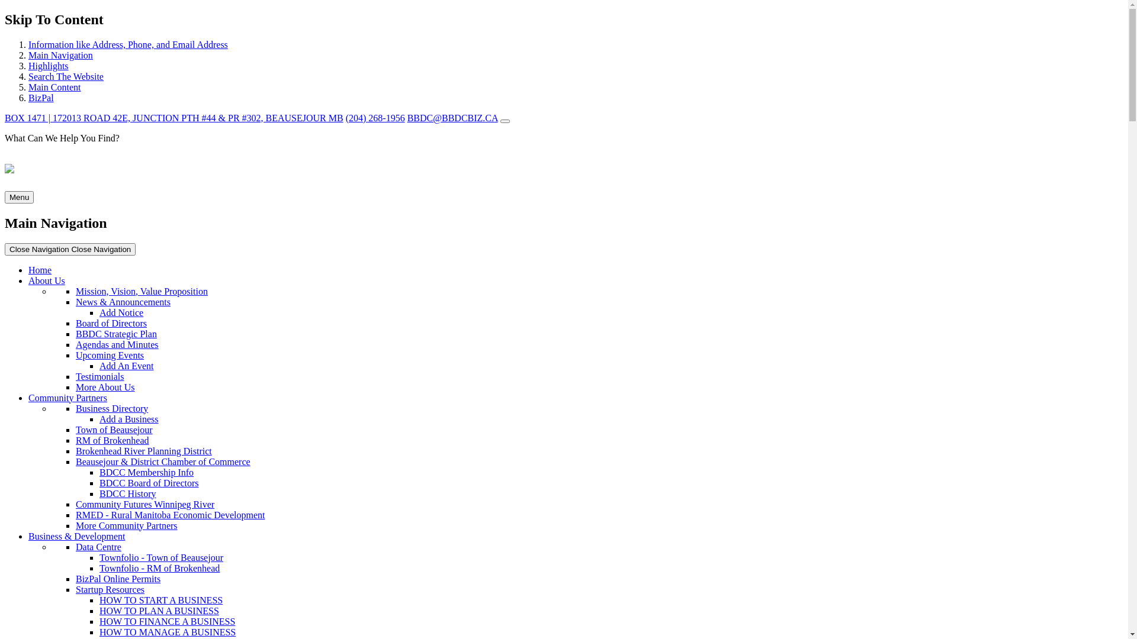 The width and height of the screenshot is (1137, 639). What do you see at coordinates (167, 631) in the screenshot?
I see `'HOW TO MANAGE A BUSINESS'` at bounding box center [167, 631].